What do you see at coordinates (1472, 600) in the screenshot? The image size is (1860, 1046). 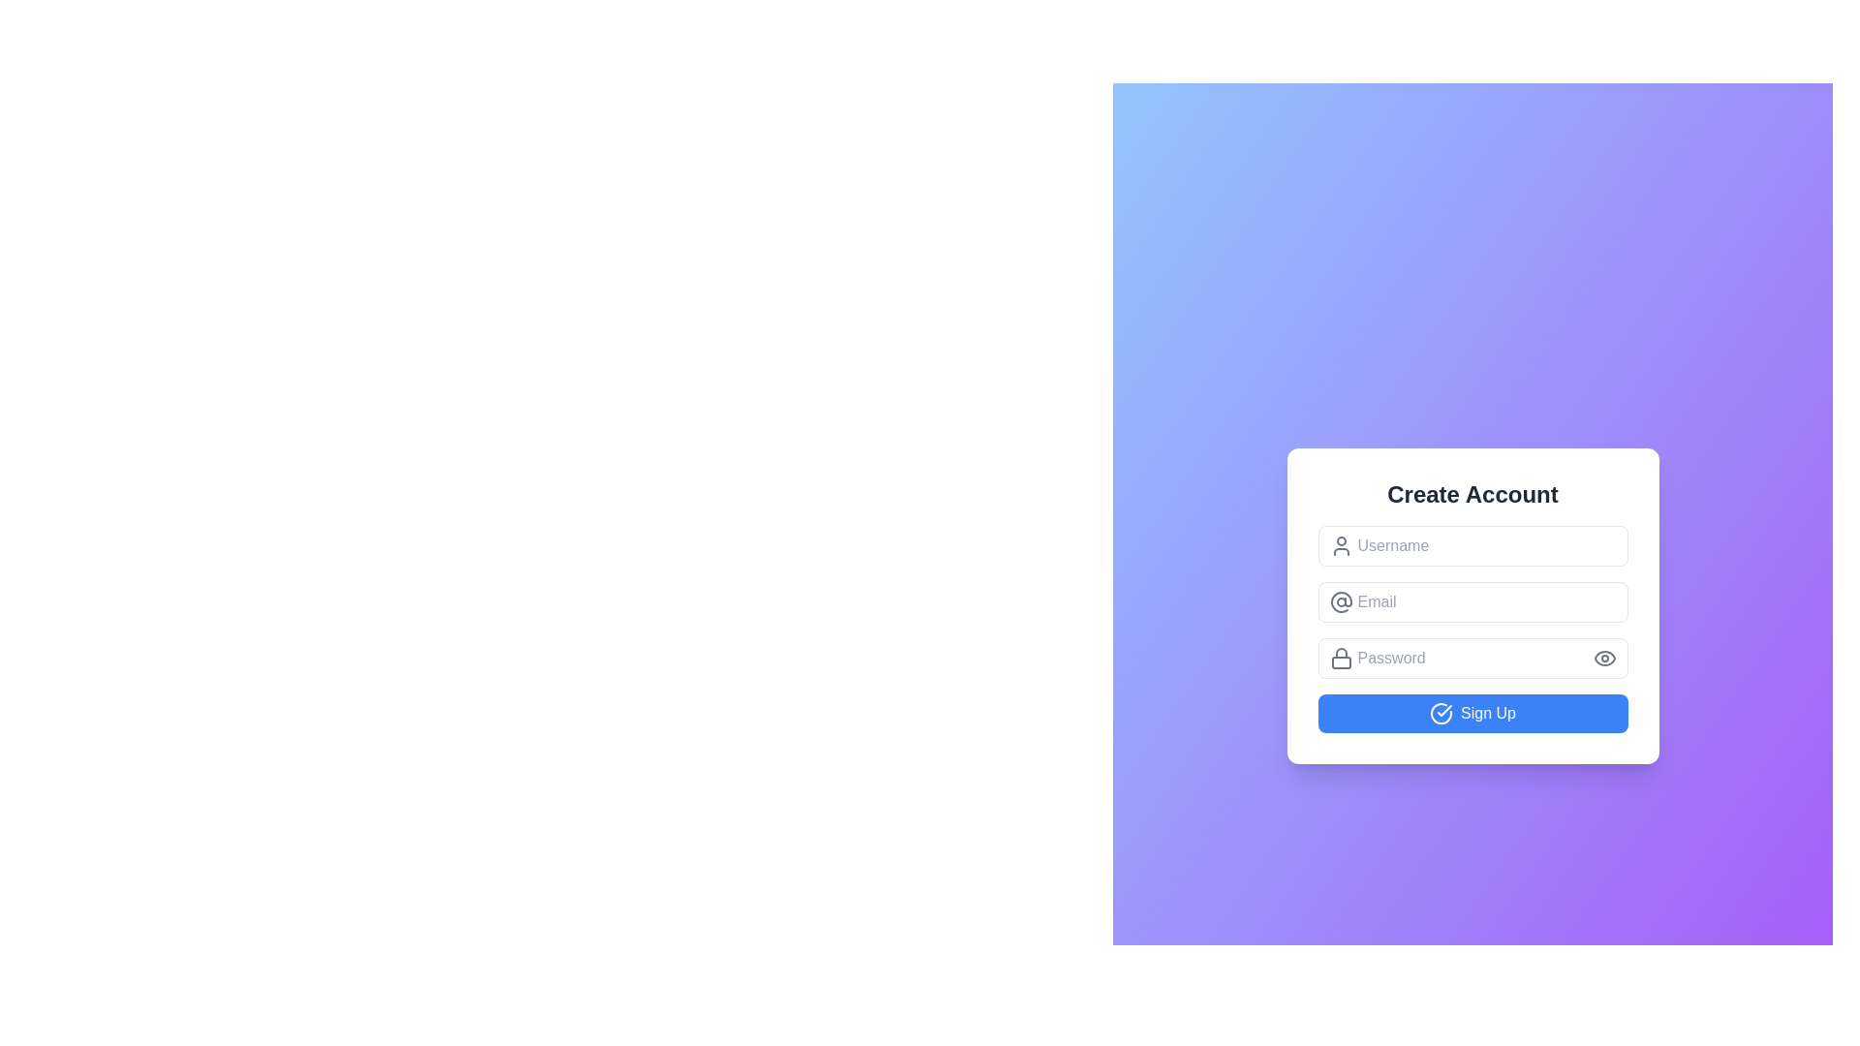 I see `into the email input field located below the 'Username' field and above the 'Password' field in the 'Create Account' modal to focus on it` at bounding box center [1472, 600].